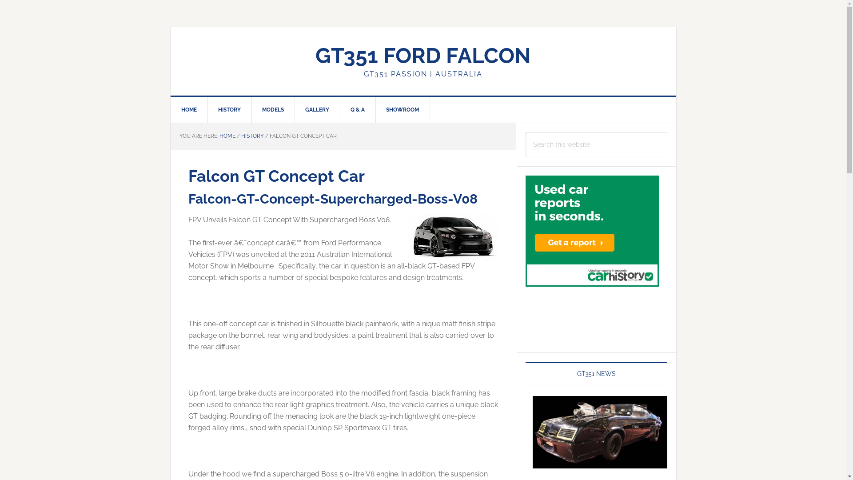 This screenshot has width=853, height=480. Describe the element at coordinates (229, 109) in the screenshot. I see `'HISTORY'` at that location.